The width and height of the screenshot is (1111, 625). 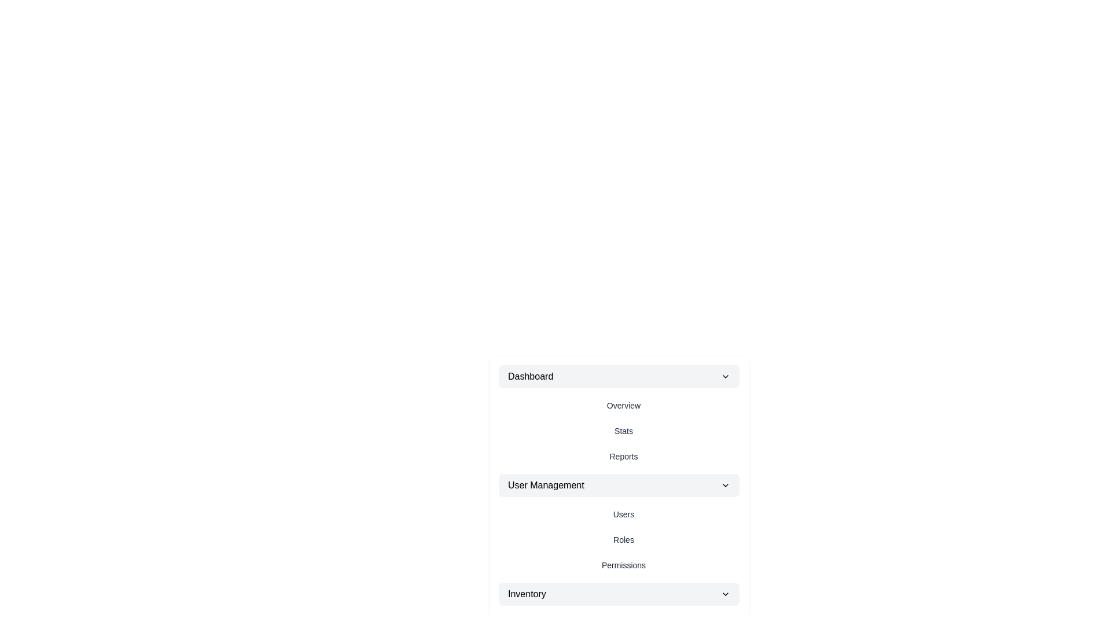 What do you see at coordinates (623, 405) in the screenshot?
I see `the menu item Overview from the StyledMenu` at bounding box center [623, 405].